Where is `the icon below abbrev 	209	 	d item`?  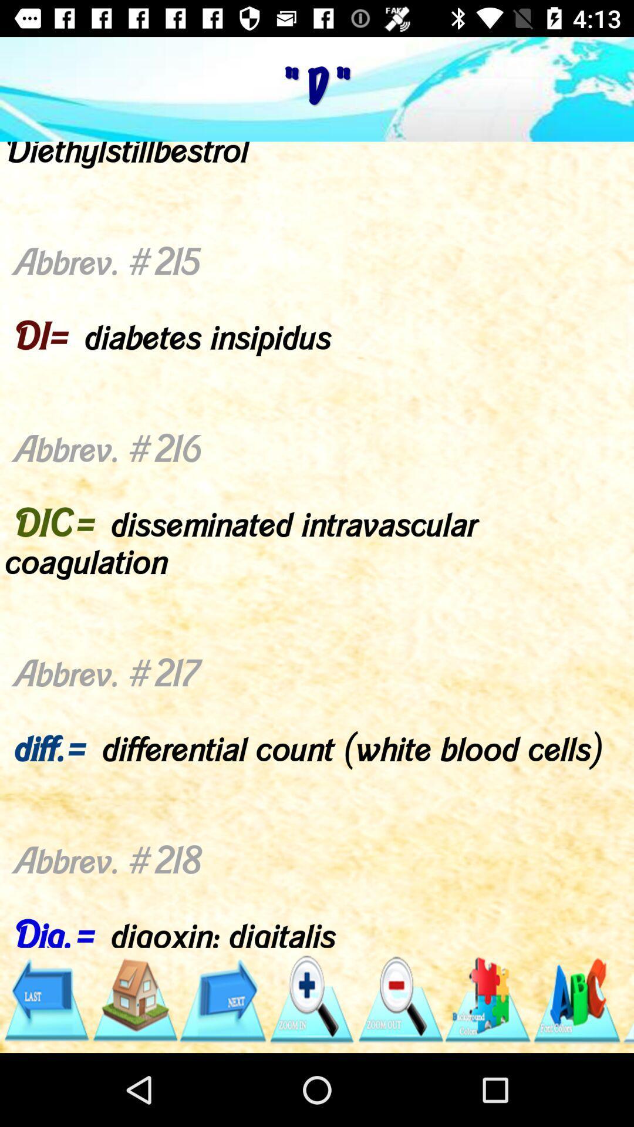
the icon below abbrev 	209	 	d item is located at coordinates (134, 999).